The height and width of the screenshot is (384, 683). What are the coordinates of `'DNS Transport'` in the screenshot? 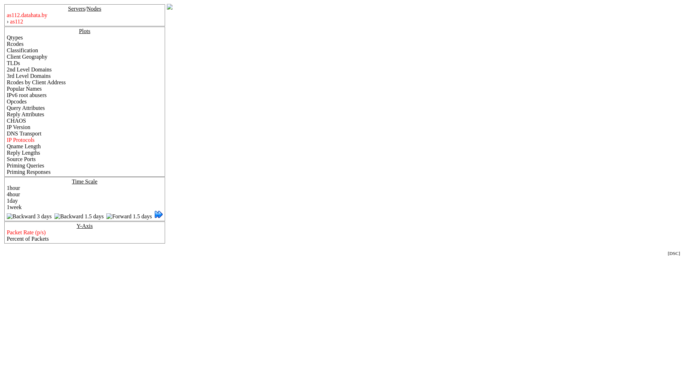 It's located at (24, 133).